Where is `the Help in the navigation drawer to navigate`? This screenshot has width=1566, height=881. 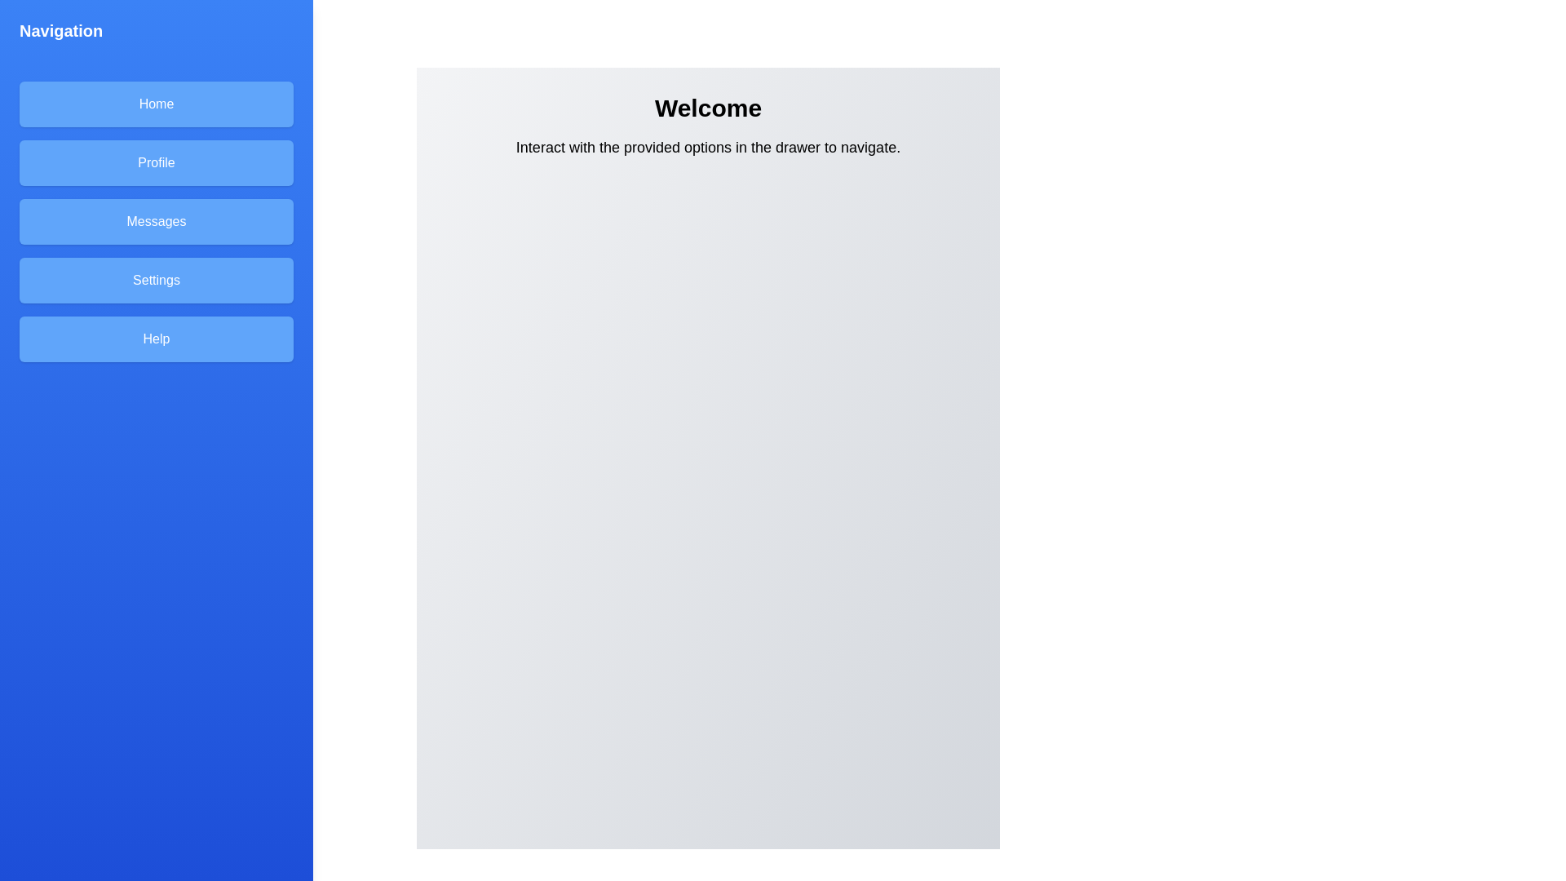
the Help in the navigation drawer to navigate is located at coordinates (157, 339).